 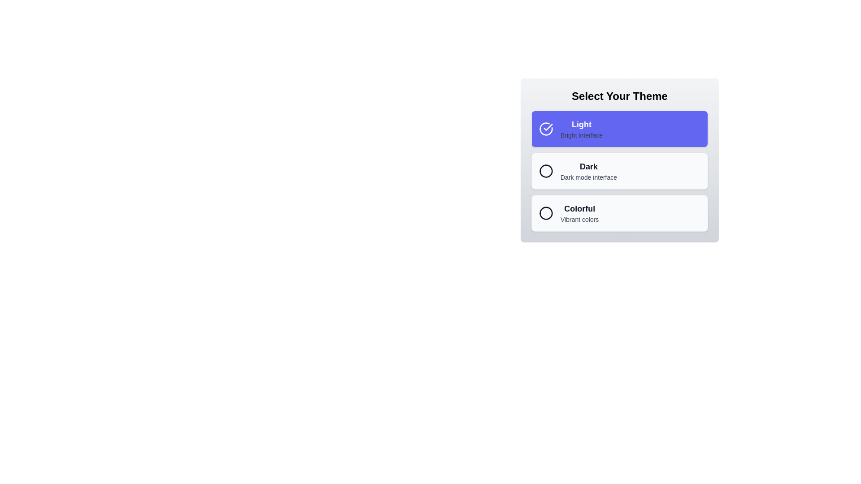 I want to click on the button corresponding to the theme Light, so click(x=619, y=129).